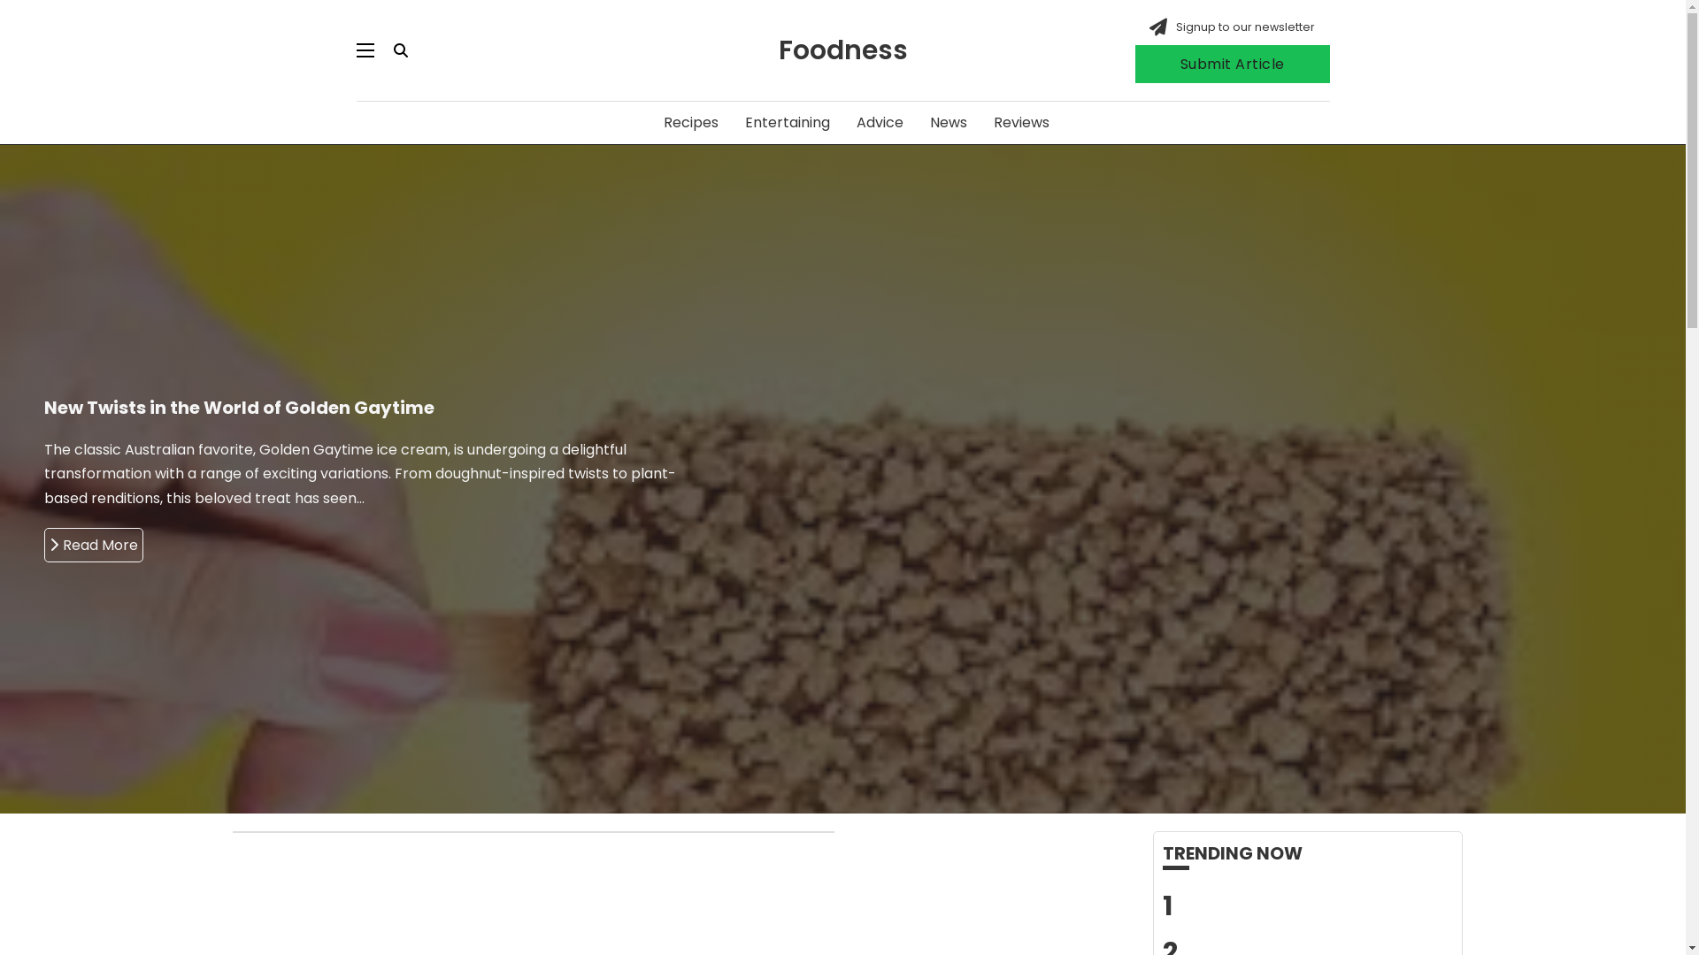 Image resolution: width=1699 pixels, height=955 pixels. I want to click on 'Entertaining', so click(786, 121).